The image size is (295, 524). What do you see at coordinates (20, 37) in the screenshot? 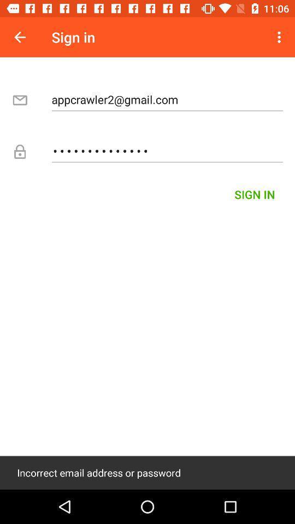
I see `the icon next to sign in` at bounding box center [20, 37].